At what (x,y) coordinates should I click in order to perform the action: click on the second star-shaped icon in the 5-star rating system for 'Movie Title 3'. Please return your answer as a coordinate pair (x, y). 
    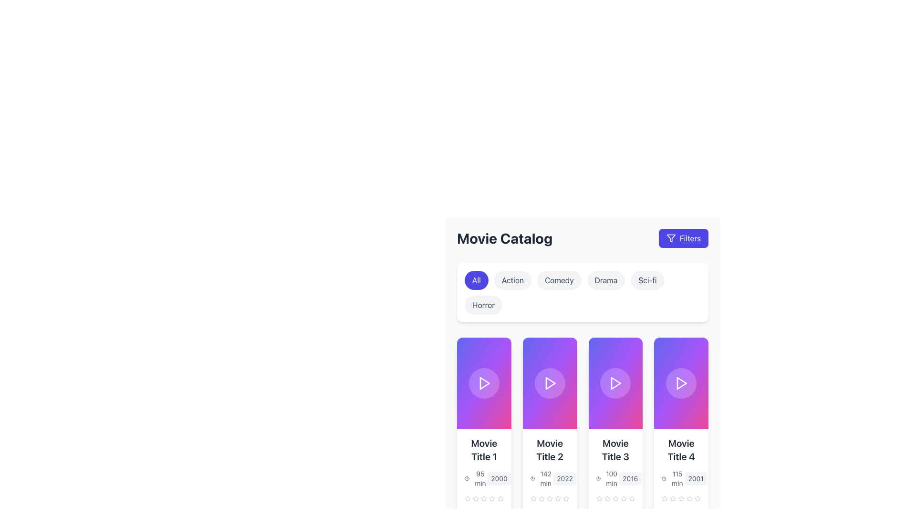
    Looking at the image, I should click on (615, 498).